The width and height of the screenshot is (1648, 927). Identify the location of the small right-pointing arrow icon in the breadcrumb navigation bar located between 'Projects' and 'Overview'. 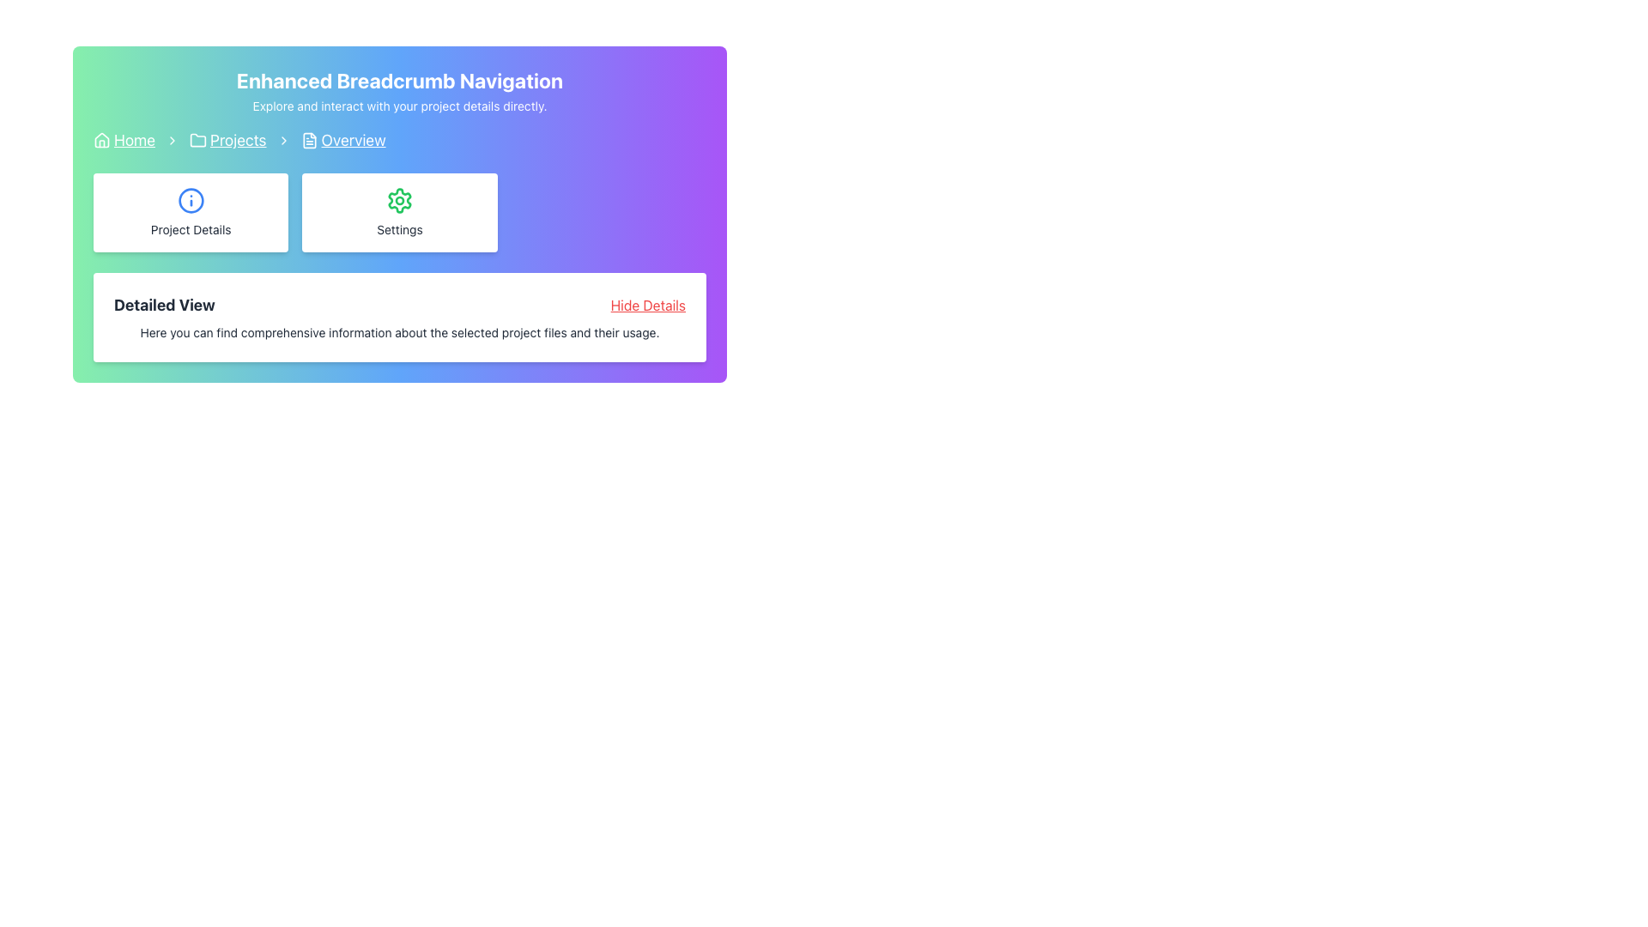
(283, 140).